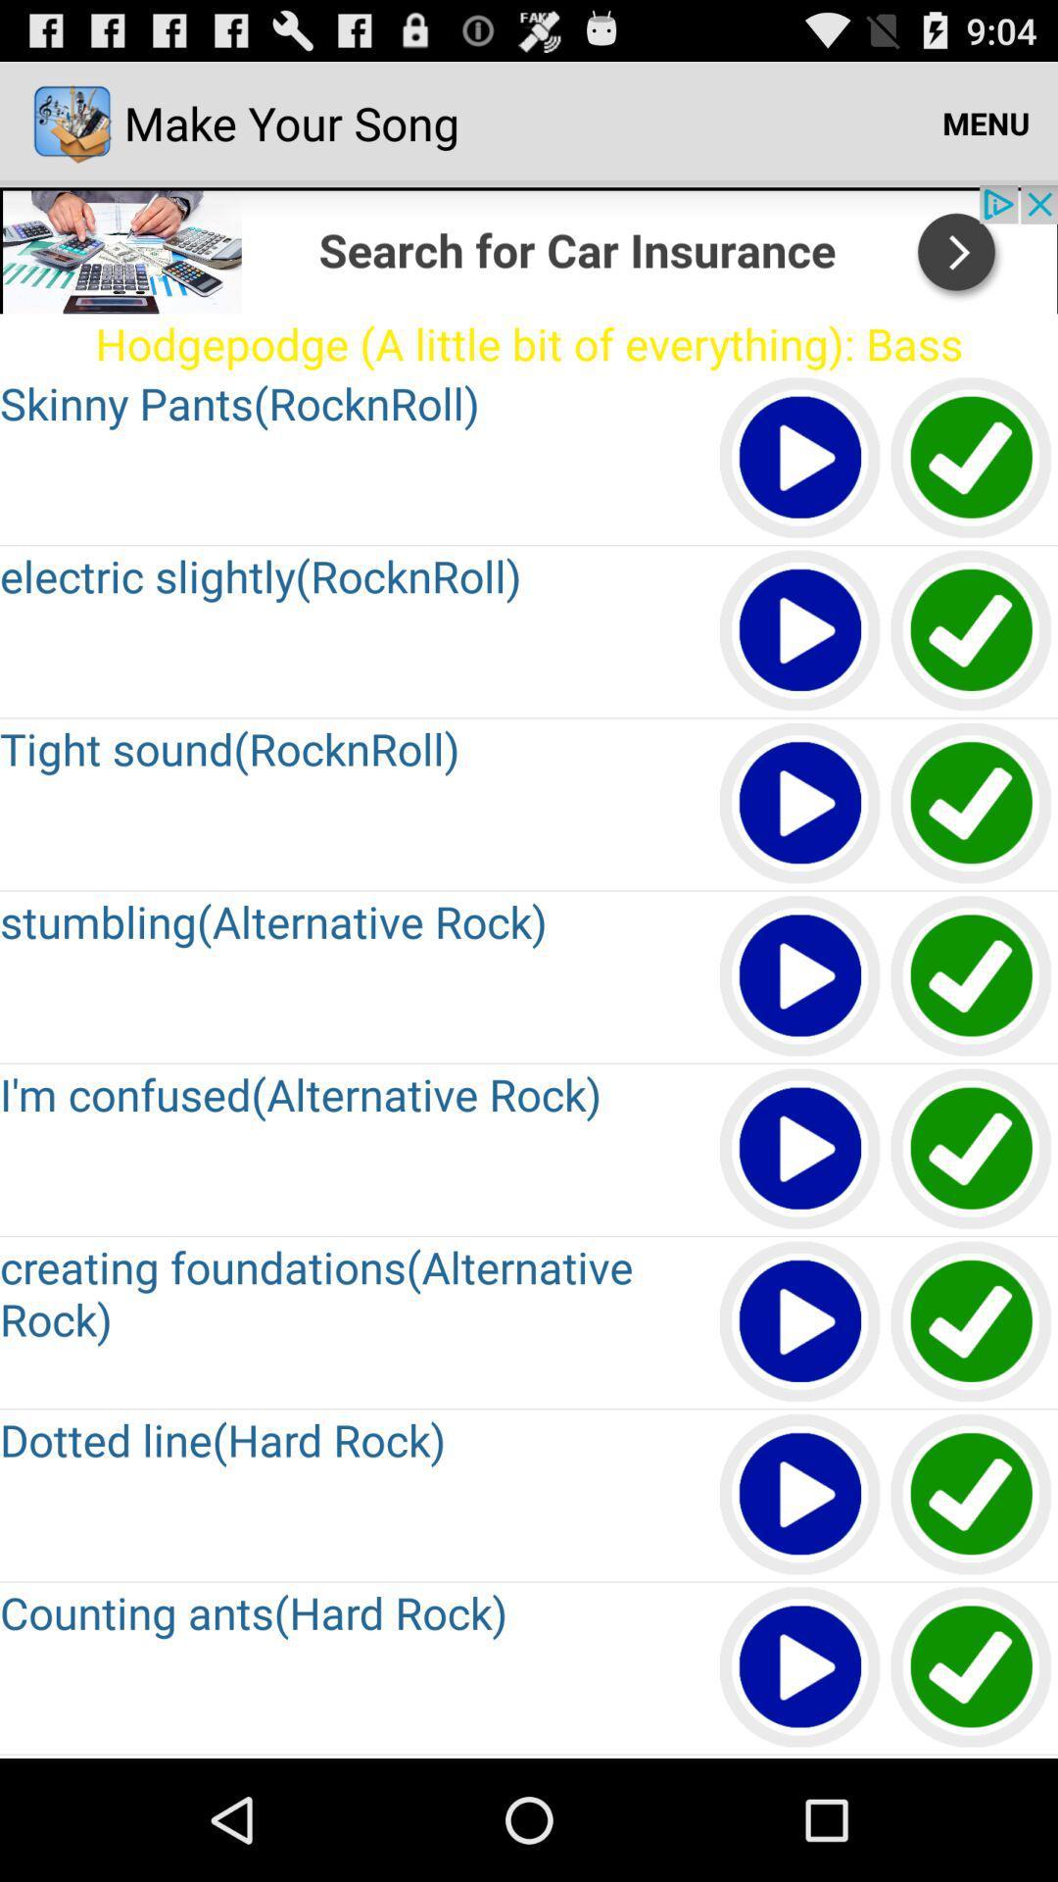 This screenshot has width=1058, height=1882. What do you see at coordinates (800, 1322) in the screenshot?
I see `creating play` at bounding box center [800, 1322].